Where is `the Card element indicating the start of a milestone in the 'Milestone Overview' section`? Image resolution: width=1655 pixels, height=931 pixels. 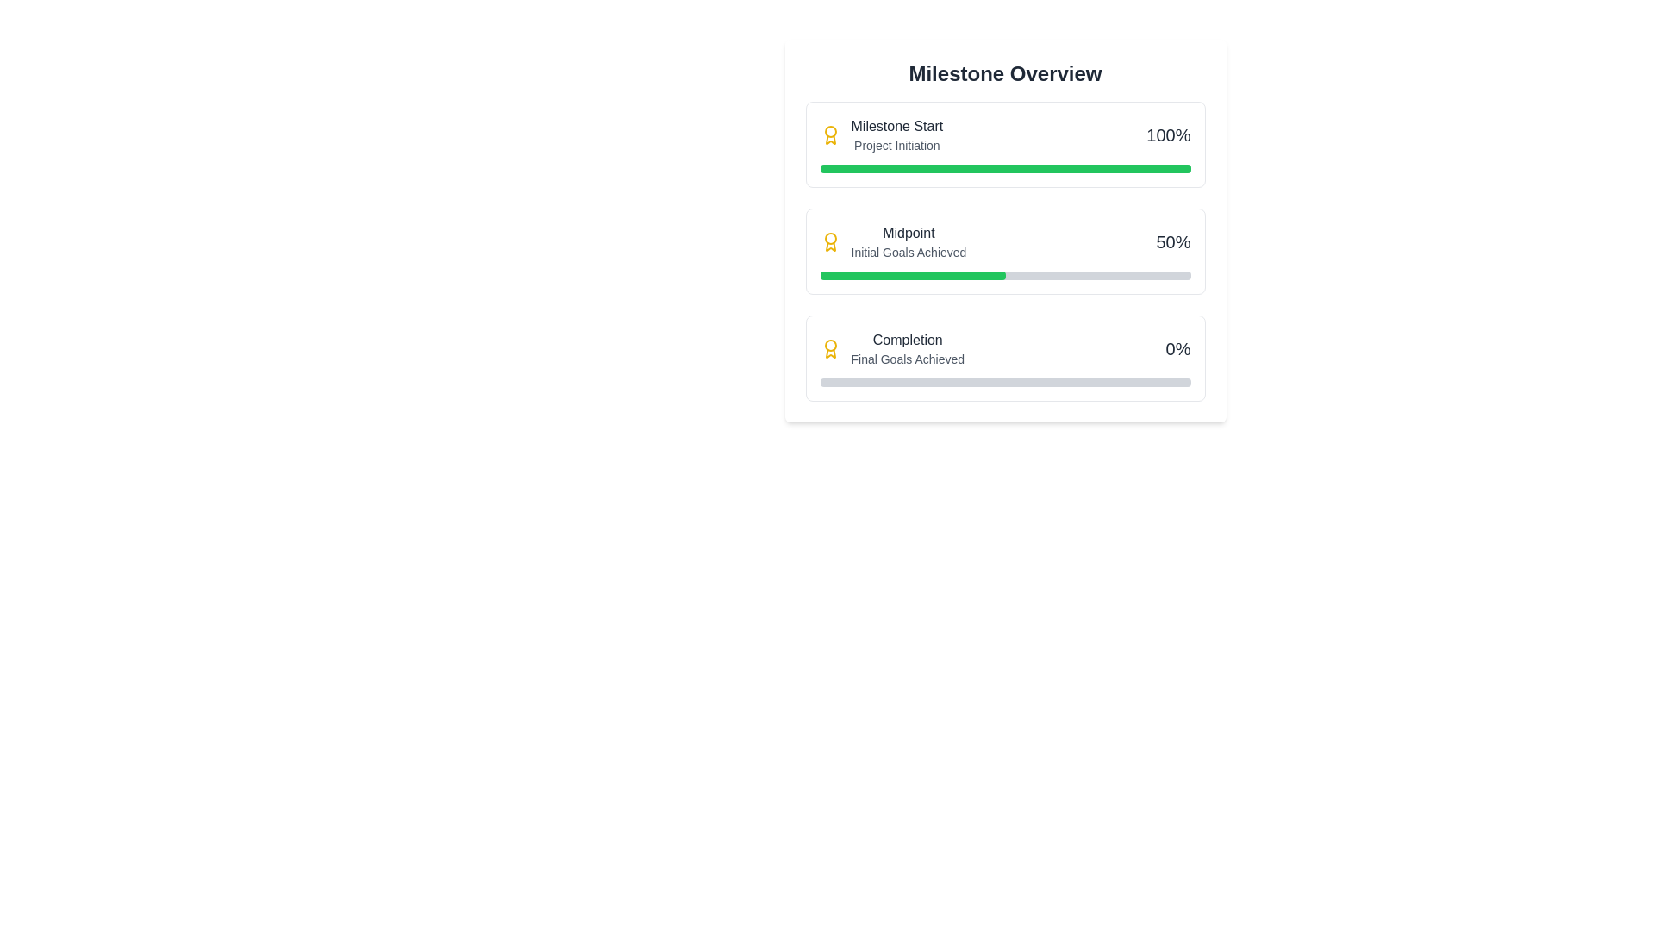 the Card element indicating the start of a milestone in the 'Milestone Overview' section is located at coordinates (881, 134).